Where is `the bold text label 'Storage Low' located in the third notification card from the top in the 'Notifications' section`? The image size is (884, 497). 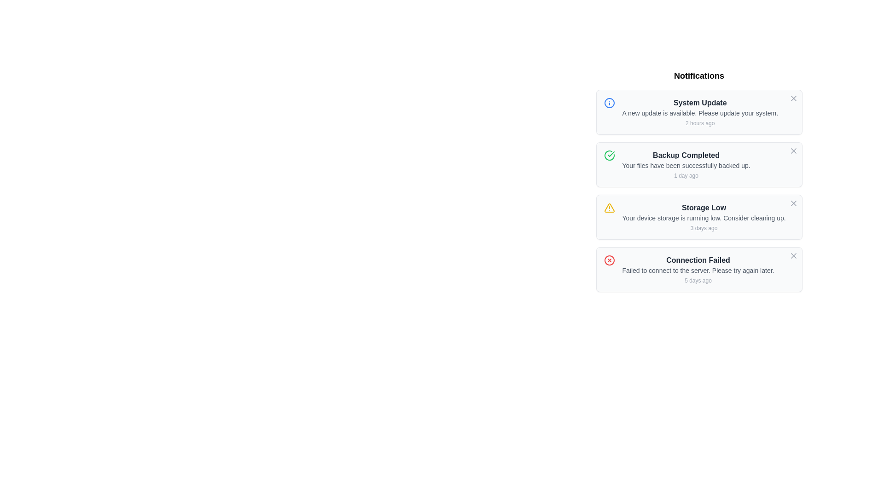
the bold text label 'Storage Low' located in the third notification card from the top in the 'Notifications' section is located at coordinates (704, 208).